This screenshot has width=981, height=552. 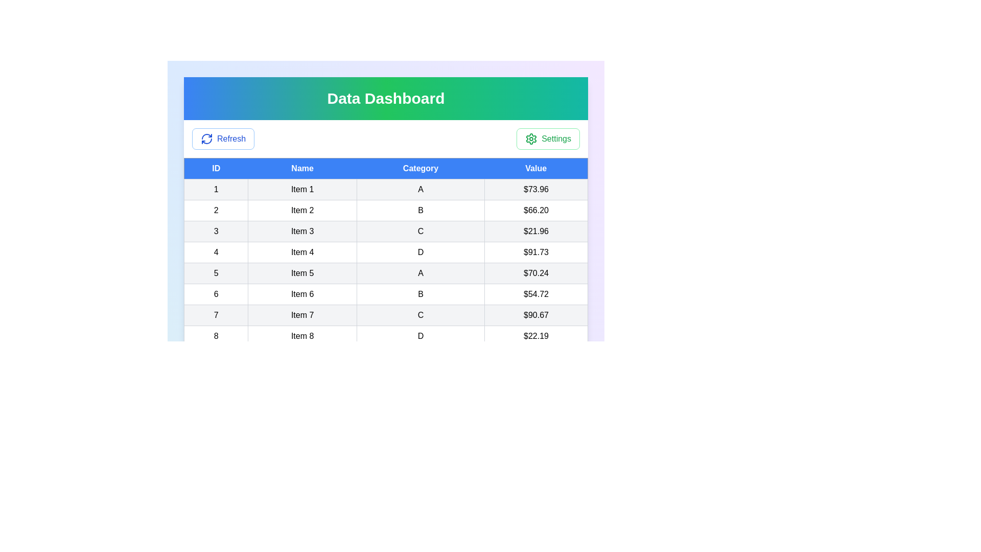 I want to click on the table header ID to sort or filter the column, so click(x=216, y=168).